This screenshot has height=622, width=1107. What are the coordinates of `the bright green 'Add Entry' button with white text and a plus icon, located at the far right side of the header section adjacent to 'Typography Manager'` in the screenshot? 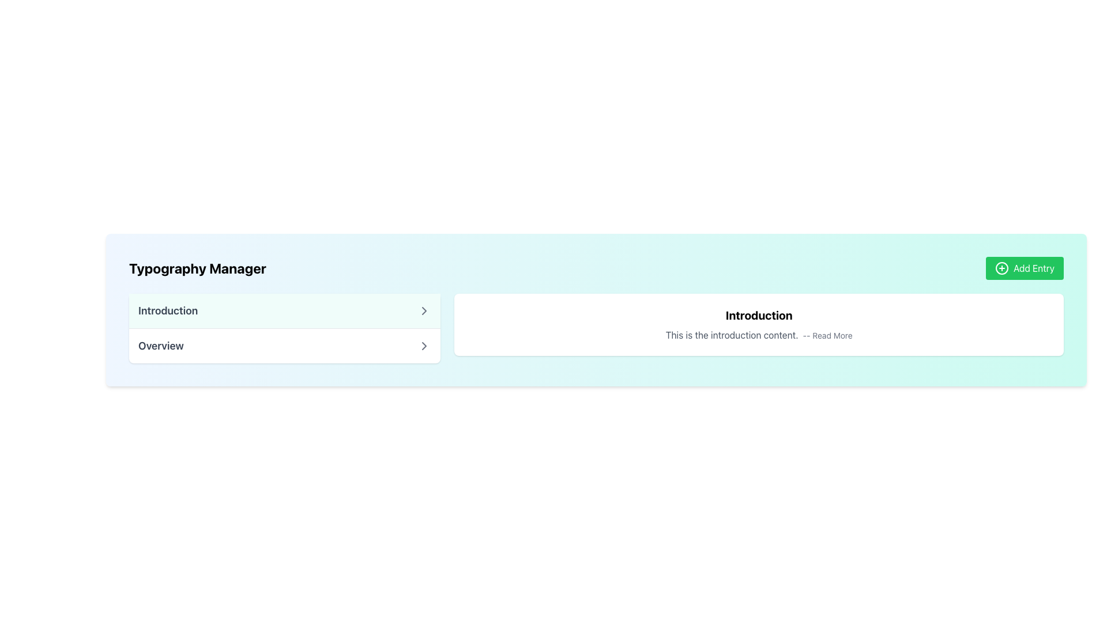 It's located at (1025, 268).